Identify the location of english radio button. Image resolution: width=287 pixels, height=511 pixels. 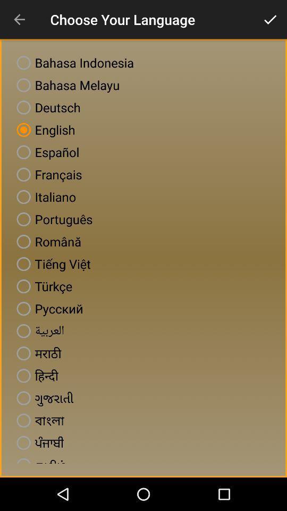
(43, 129).